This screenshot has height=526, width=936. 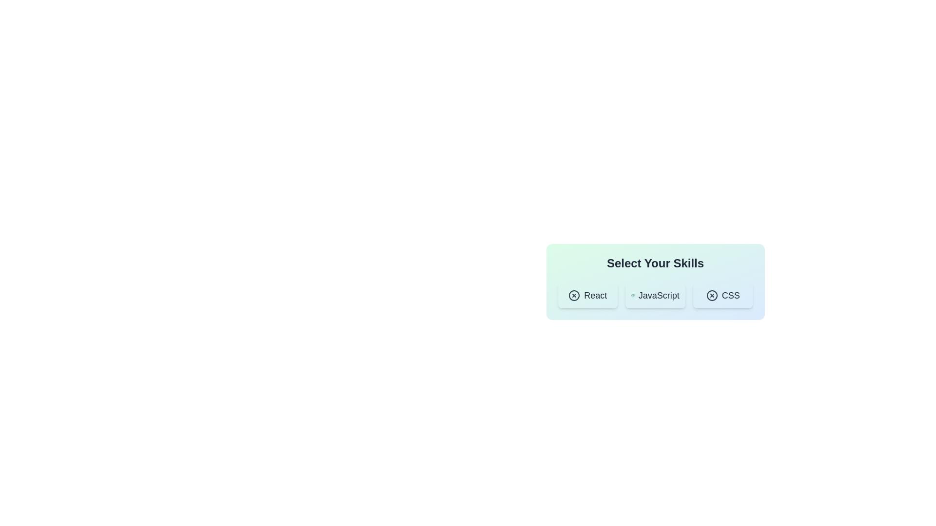 What do you see at coordinates (723, 295) in the screenshot?
I see `the chip labeled CSS to toggle its selection` at bounding box center [723, 295].